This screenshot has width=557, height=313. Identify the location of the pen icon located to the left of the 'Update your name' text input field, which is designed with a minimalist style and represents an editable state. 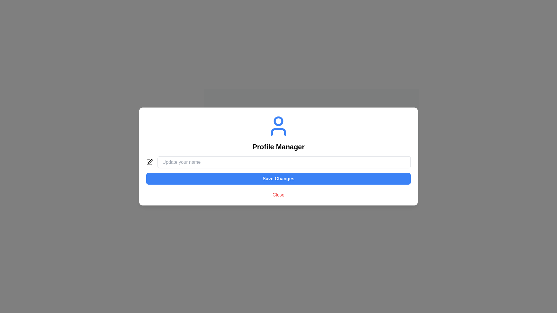
(149, 162).